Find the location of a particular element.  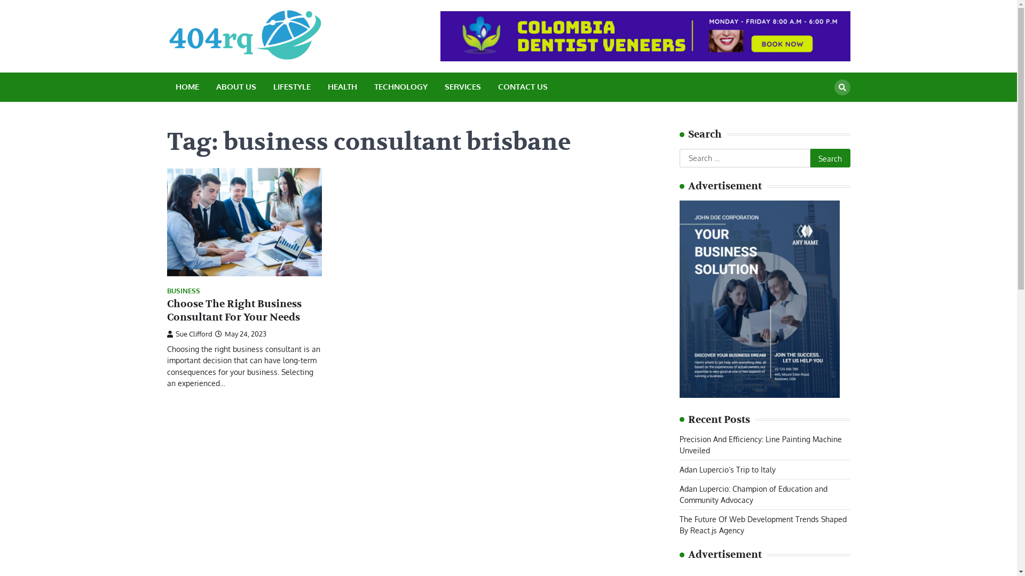

'TECHNOLOGY' is located at coordinates (369, 86).